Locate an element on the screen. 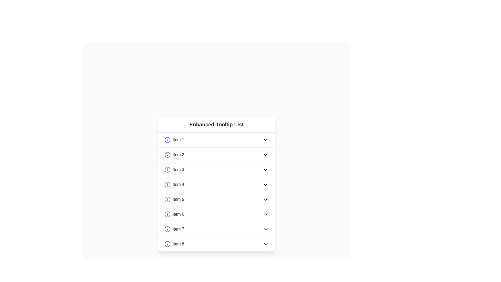 The height and width of the screenshot is (282, 501). the third item in the 'Enhanced Tooltip List' is located at coordinates (216, 169).